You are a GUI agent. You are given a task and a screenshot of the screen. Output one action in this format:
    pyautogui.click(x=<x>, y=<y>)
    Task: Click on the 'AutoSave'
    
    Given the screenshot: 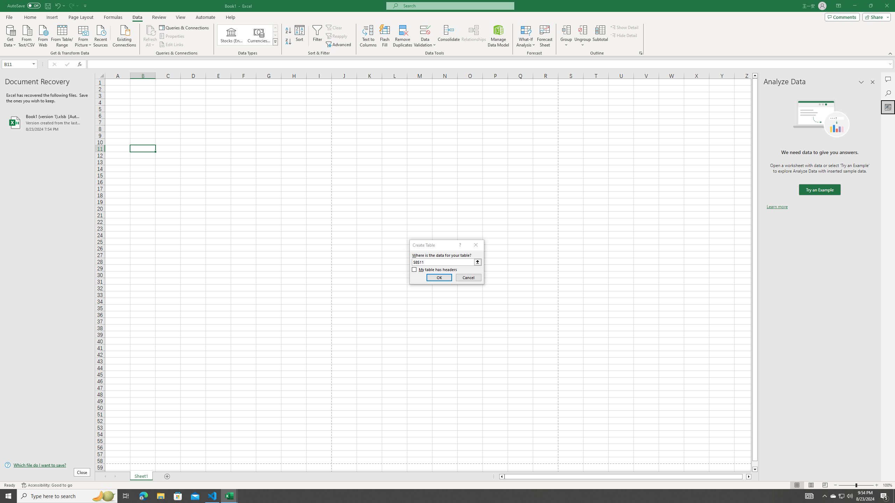 What is the action you would take?
    pyautogui.click(x=24, y=5)
    